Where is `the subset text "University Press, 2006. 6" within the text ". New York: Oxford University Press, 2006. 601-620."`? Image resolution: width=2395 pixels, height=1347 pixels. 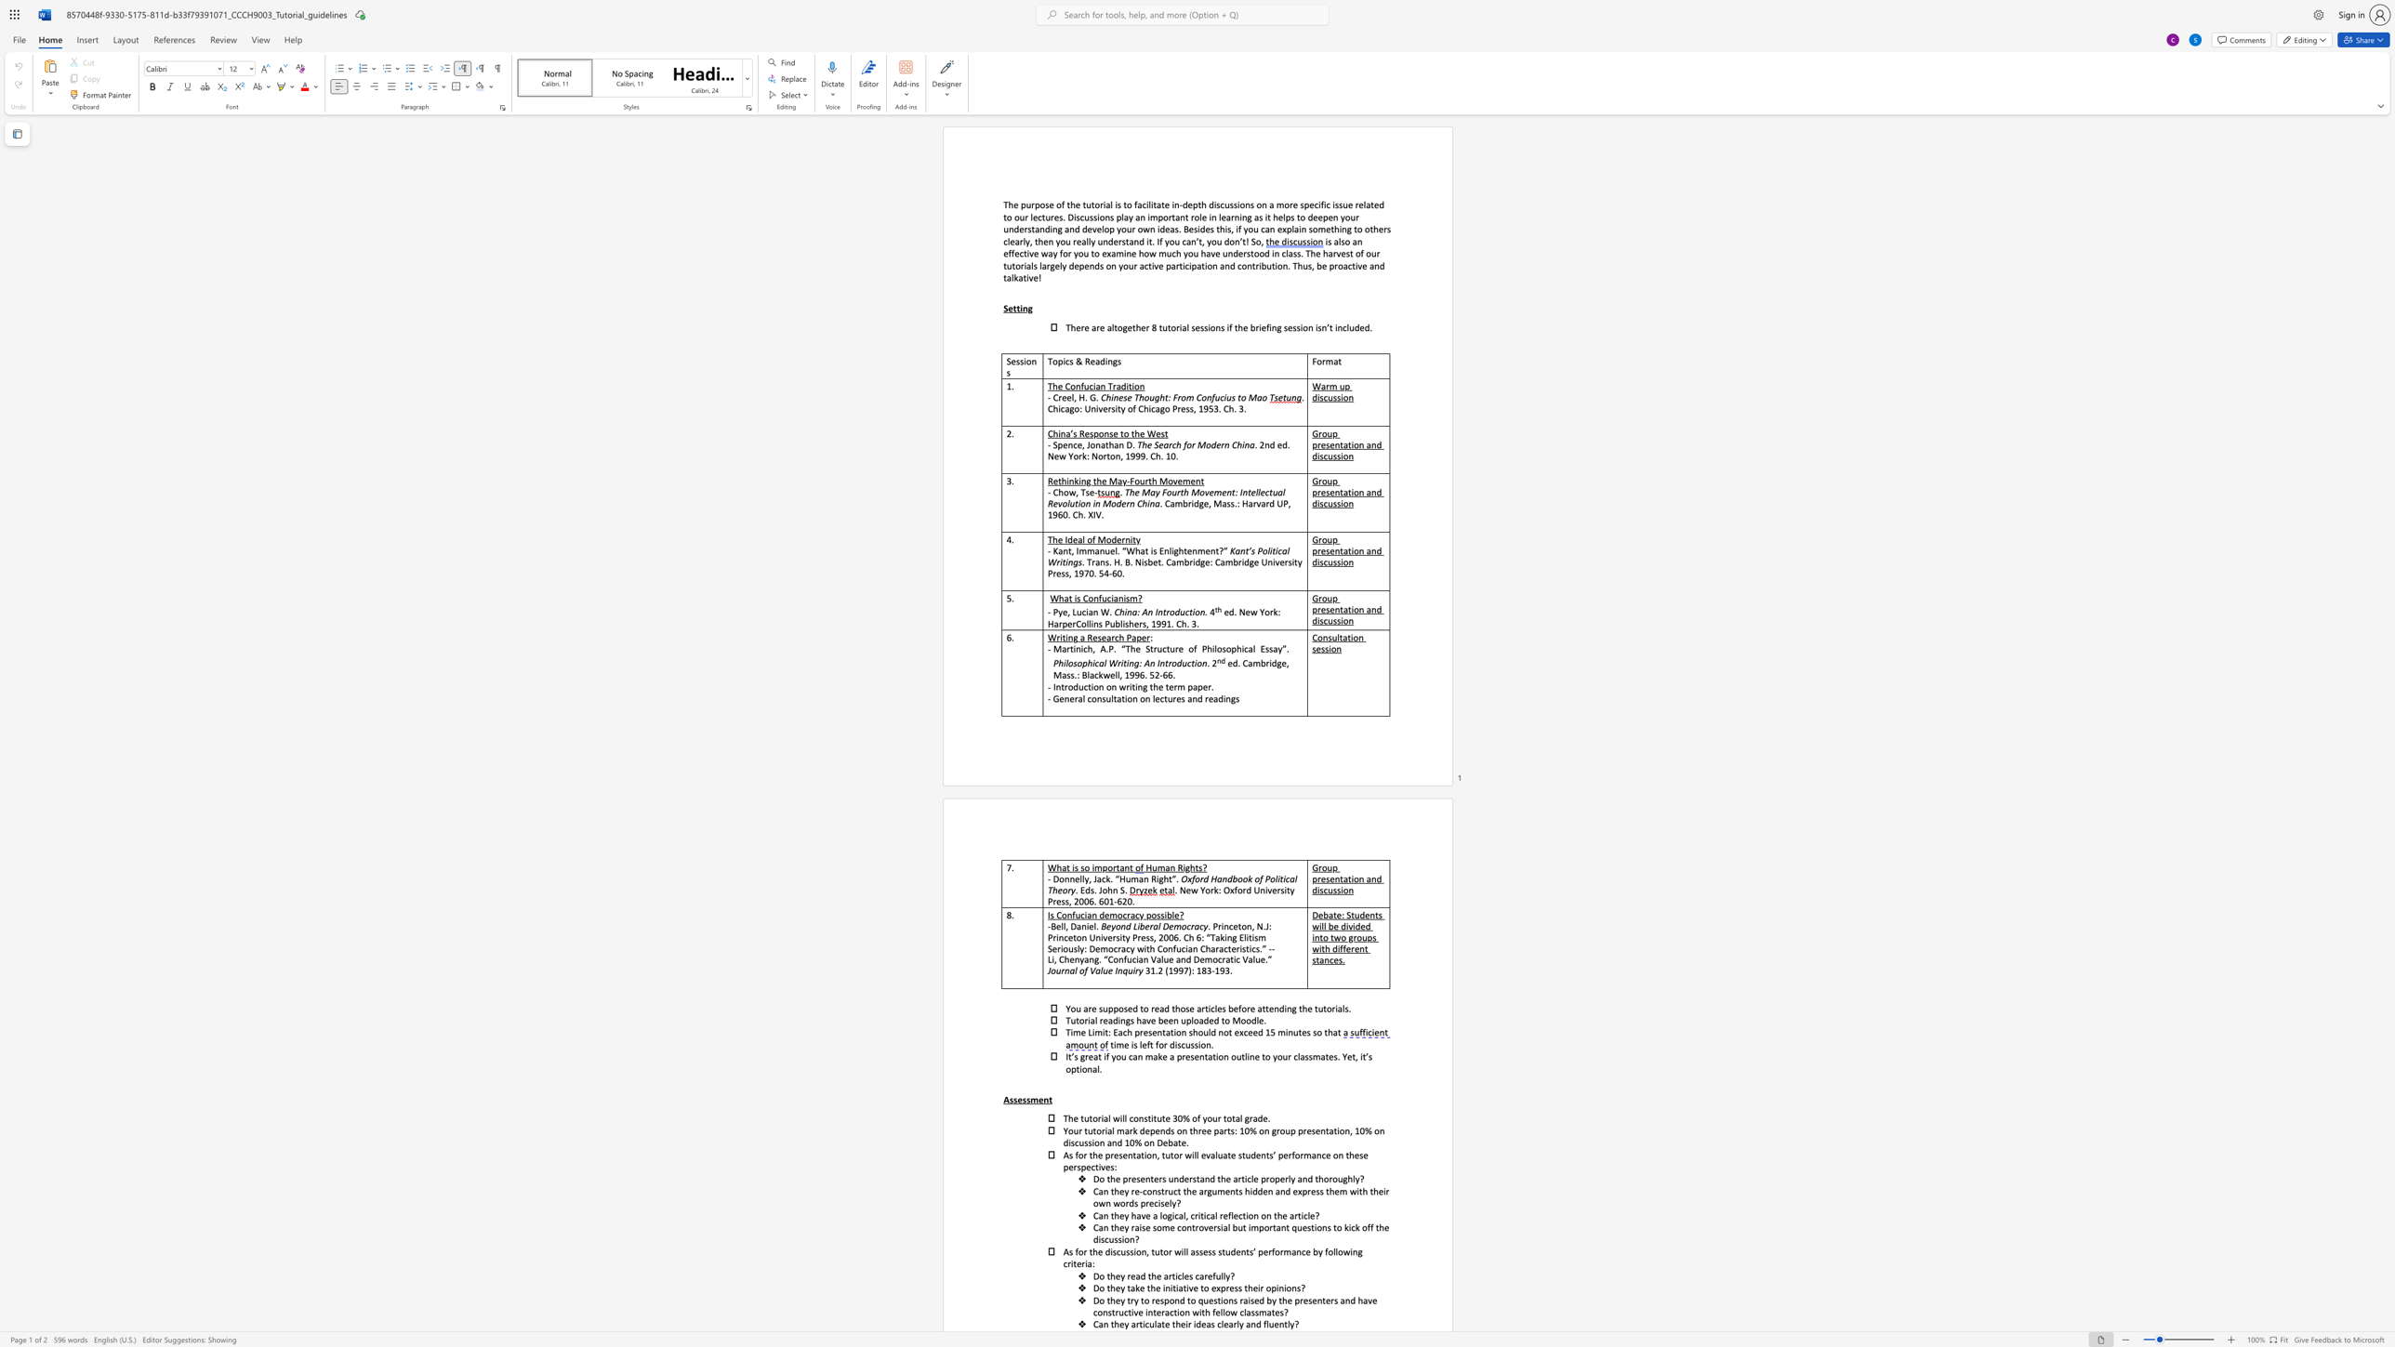
the subset text "University Press, 2006. 6" within the text ". New York: Oxford University Press, 2006. 601-620." is located at coordinates (1253, 889).